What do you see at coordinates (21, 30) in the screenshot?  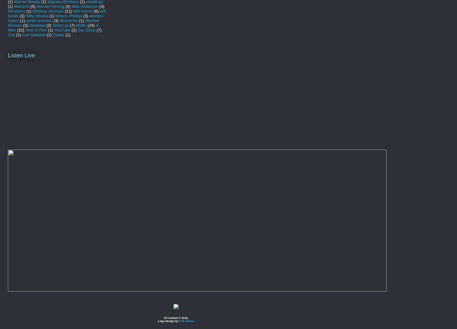 I see `'(10)'` at bounding box center [21, 30].